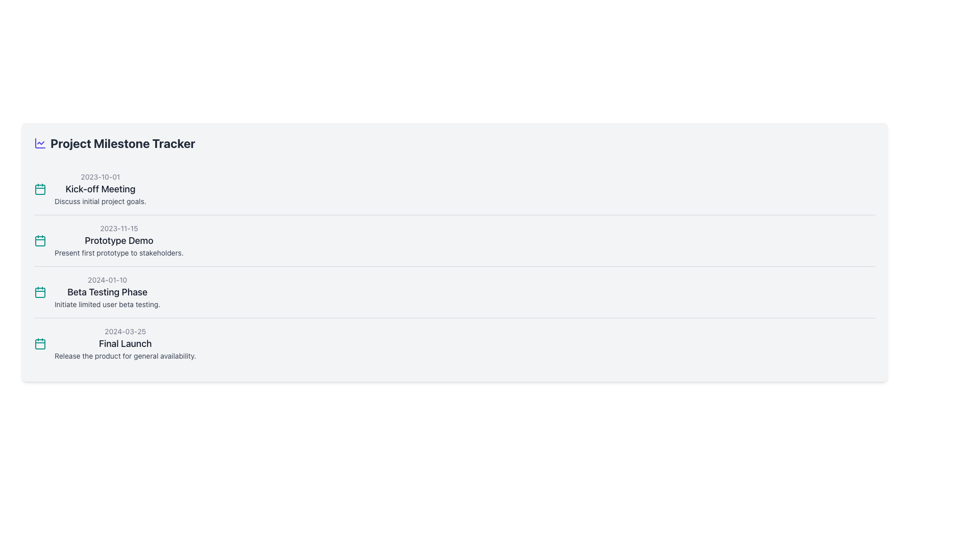 Image resolution: width=980 pixels, height=551 pixels. What do you see at coordinates (100, 189) in the screenshot?
I see `text content of the first milestone entry in the Project Milestone Tracker, which is displayed below the title and aligned with a teal-colored calendar icon` at bounding box center [100, 189].